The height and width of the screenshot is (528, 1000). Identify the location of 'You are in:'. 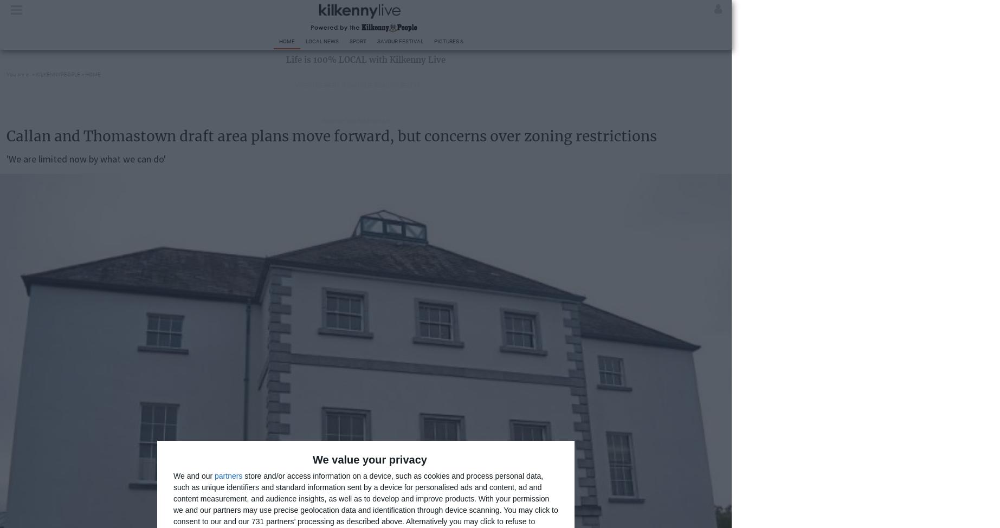
(18, 74).